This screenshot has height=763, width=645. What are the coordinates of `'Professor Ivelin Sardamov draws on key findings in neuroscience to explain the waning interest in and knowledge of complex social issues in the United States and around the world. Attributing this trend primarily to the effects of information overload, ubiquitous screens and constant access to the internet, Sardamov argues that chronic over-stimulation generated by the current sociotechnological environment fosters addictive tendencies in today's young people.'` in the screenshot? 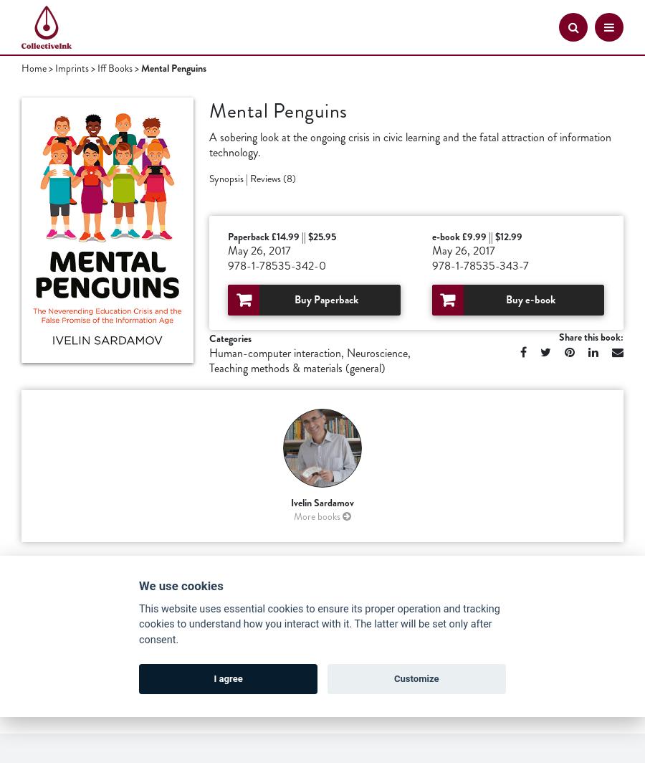 It's located at (314, 674).